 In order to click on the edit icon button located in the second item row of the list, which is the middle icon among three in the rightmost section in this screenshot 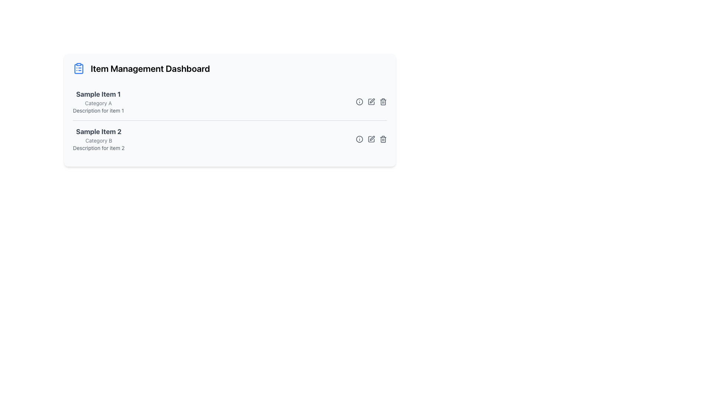, I will do `click(371, 139)`.